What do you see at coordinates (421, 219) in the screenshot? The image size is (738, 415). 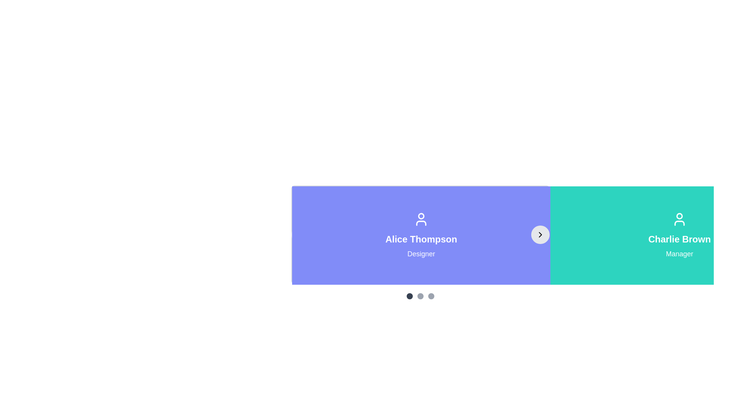 I see `the user profile icon located in the top-center area of the blue panel, positioned above the text 'Alice Thompson' and 'Designer'` at bounding box center [421, 219].